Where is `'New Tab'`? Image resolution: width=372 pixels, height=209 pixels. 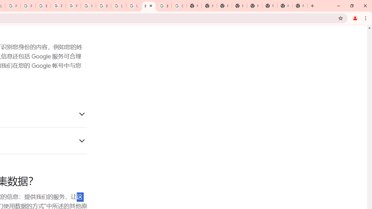 'New Tab' is located at coordinates (300, 6).